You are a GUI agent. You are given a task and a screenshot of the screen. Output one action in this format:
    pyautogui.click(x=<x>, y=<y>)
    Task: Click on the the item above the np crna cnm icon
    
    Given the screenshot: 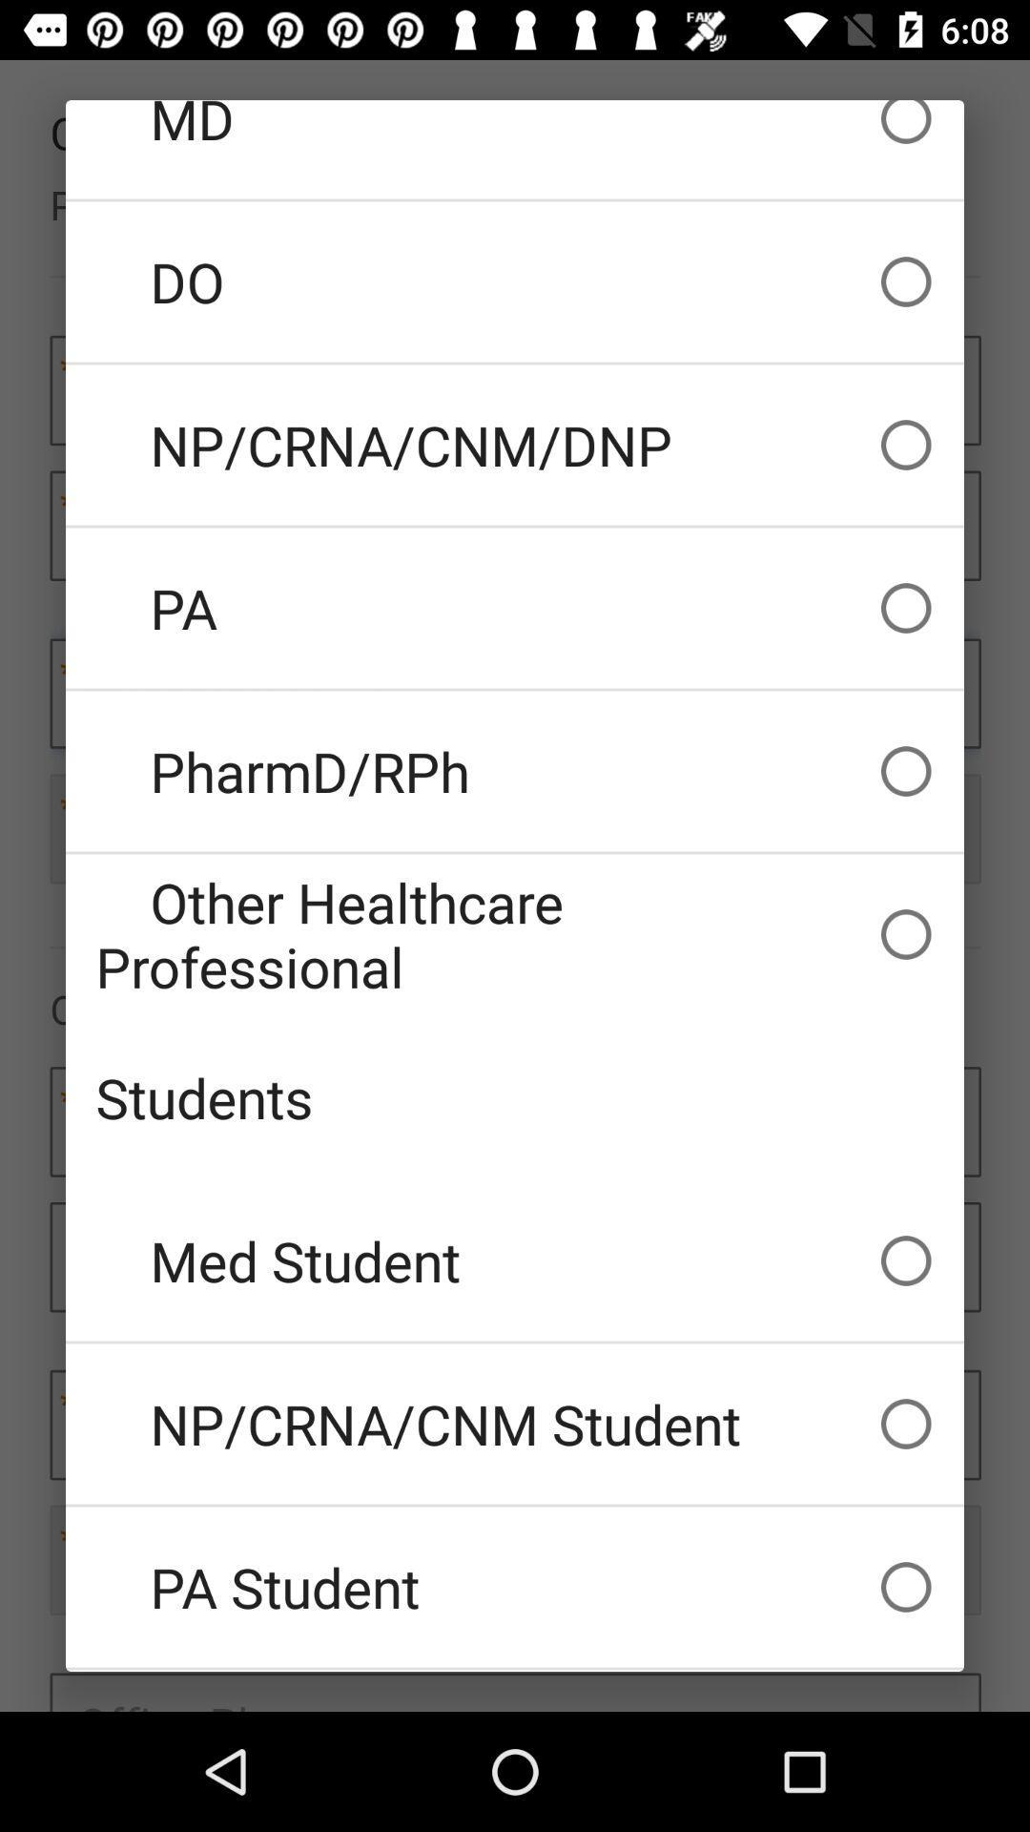 What is the action you would take?
    pyautogui.click(x=515, y=1260)
    